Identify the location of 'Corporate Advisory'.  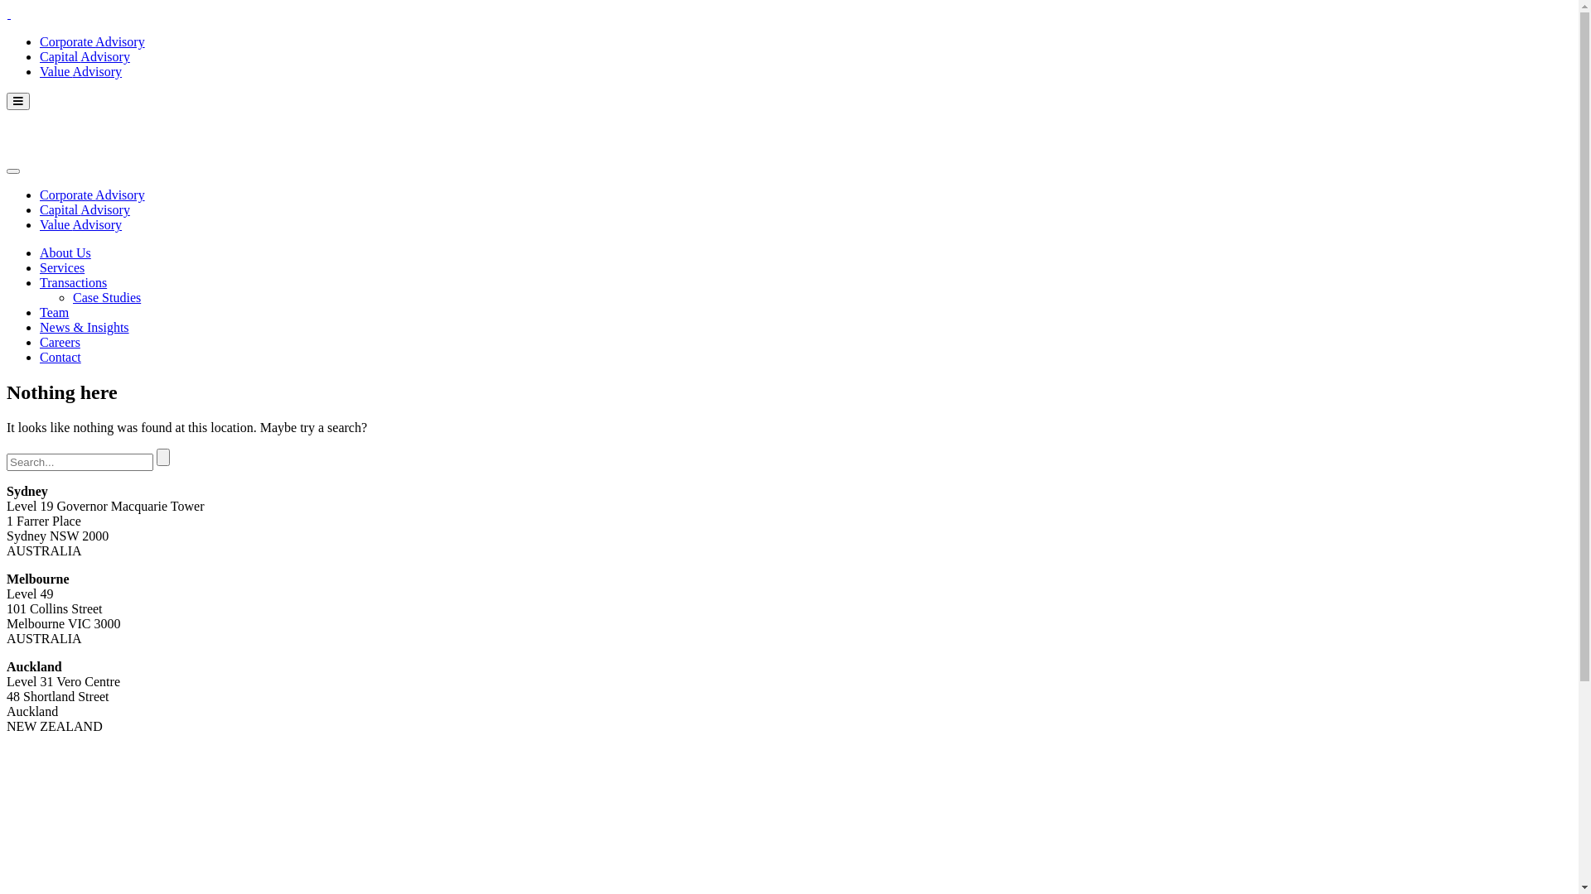
(91, 194).